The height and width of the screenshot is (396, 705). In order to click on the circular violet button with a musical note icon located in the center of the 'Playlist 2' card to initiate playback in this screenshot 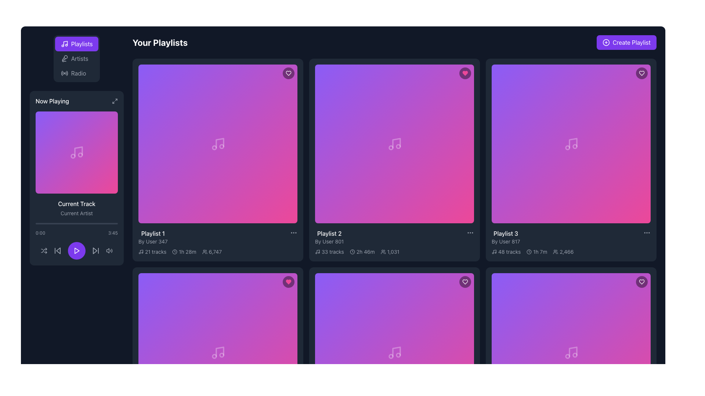, I will do `click(394, 144)`.